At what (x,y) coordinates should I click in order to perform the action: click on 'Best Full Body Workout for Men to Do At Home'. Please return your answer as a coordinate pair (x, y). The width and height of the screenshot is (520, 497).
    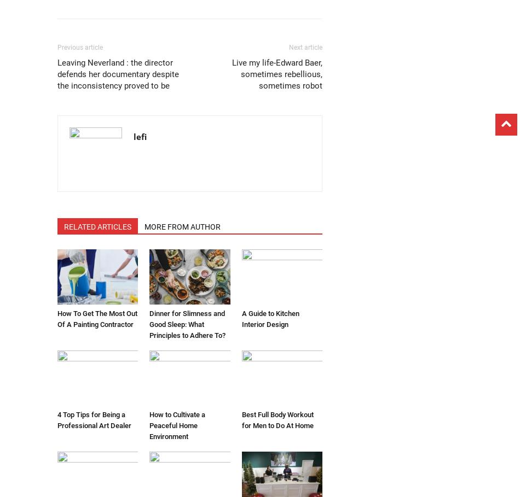
    Looking at the image, I should click on (240, 420).